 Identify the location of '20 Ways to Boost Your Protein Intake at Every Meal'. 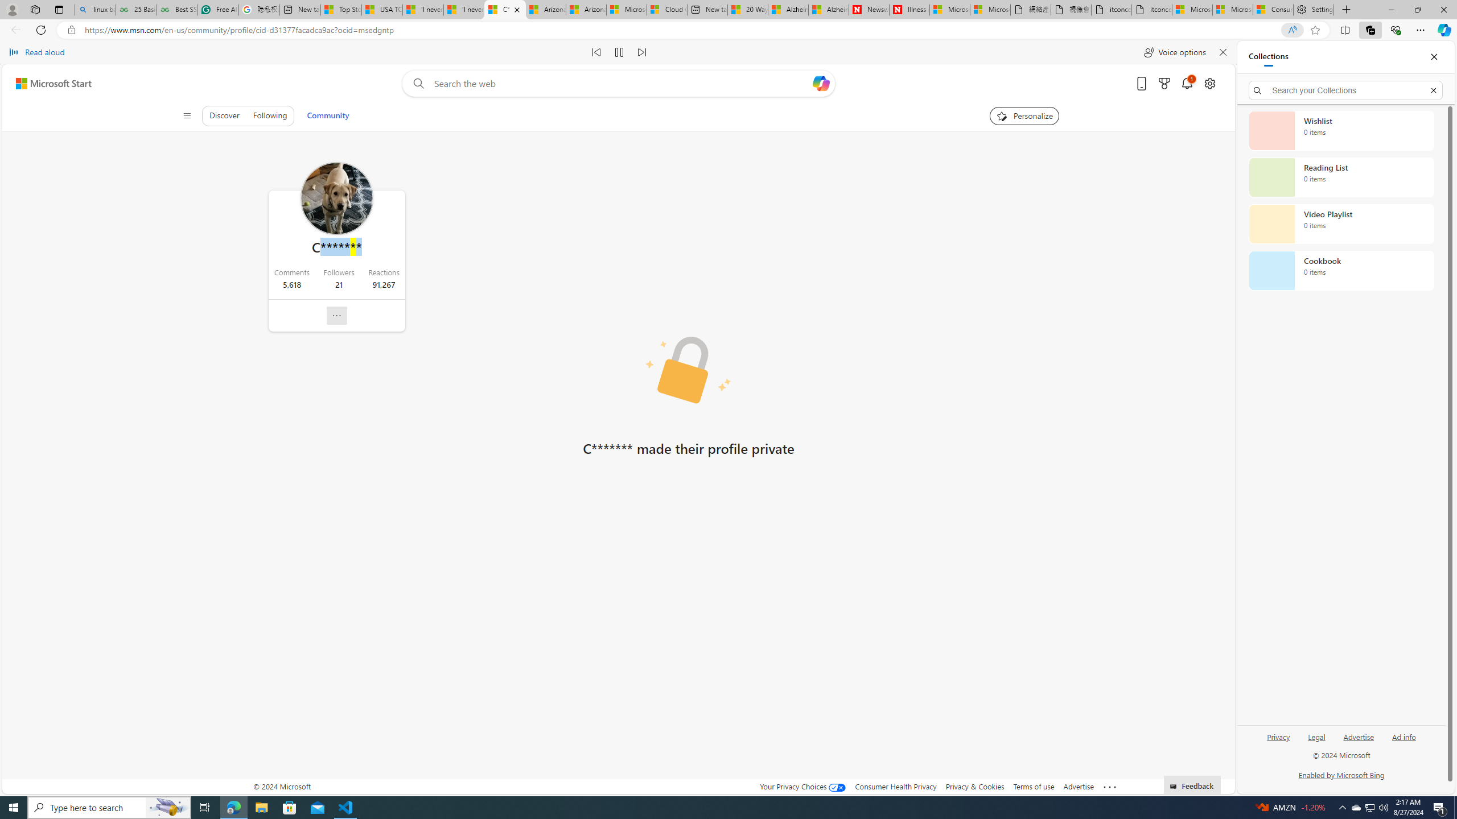
(747, 9).